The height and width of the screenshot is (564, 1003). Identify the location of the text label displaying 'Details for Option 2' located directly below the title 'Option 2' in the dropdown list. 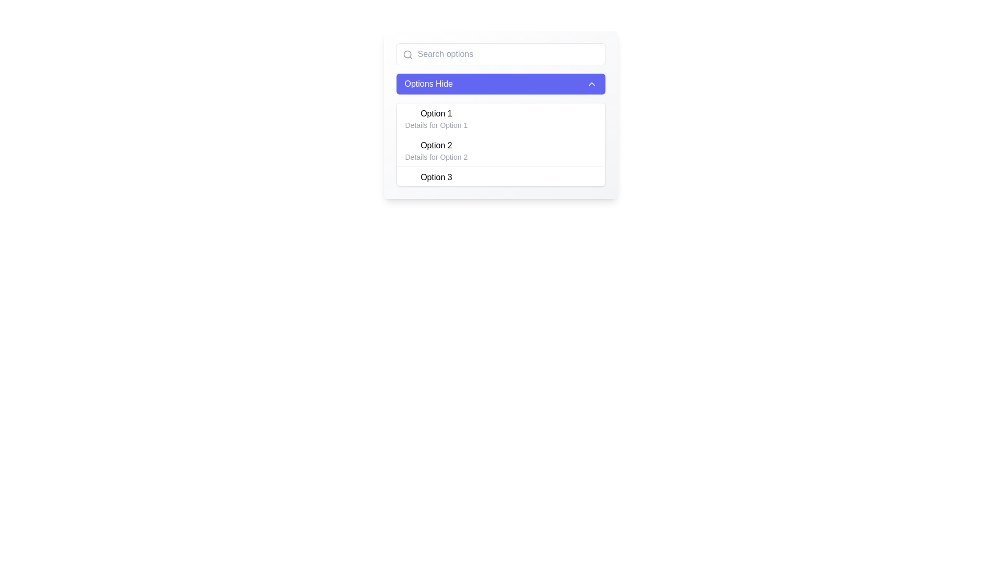
(436, 157).